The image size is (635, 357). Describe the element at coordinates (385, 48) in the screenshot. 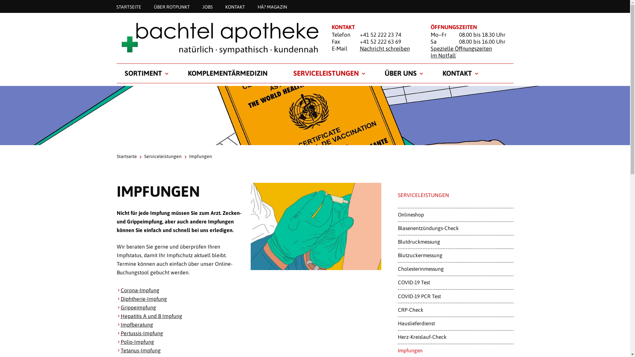

I see `'Nachricht schreiben'` at that location.